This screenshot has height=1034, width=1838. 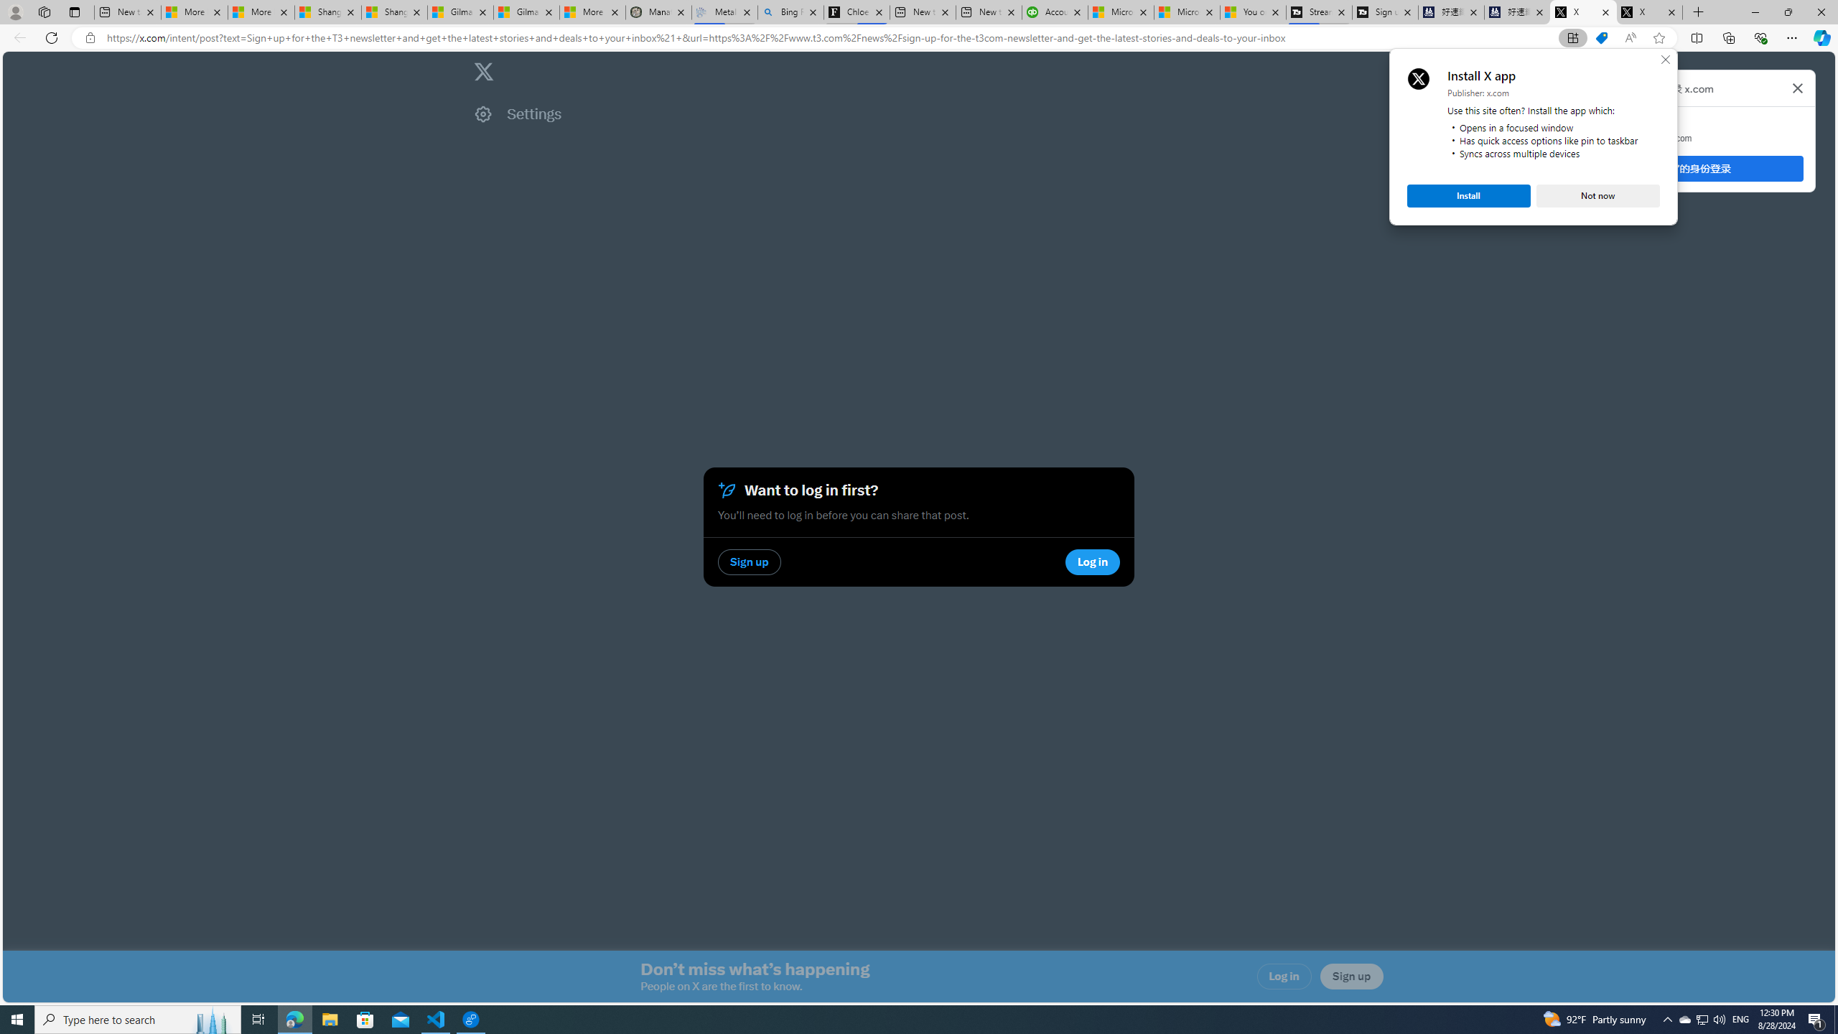 What do you see at coordinates (1701, 1018) in the screenshot?
I see `'User Promoted Notification Area'` at bounding box center [1701, 1018].